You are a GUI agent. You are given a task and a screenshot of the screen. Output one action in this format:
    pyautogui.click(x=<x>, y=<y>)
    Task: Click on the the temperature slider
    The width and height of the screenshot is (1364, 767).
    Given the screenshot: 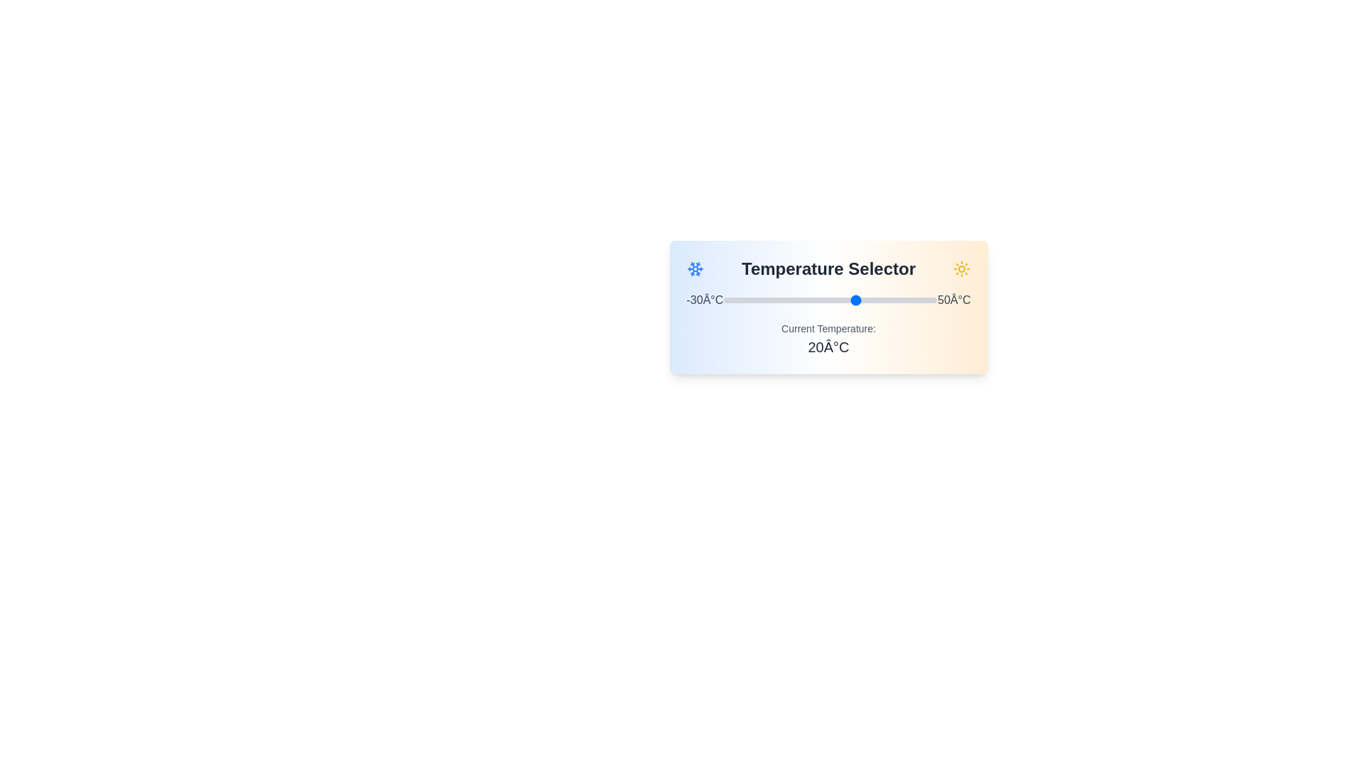 What is the action you would take?
    pyautogui.click(x=894, y=300)
    